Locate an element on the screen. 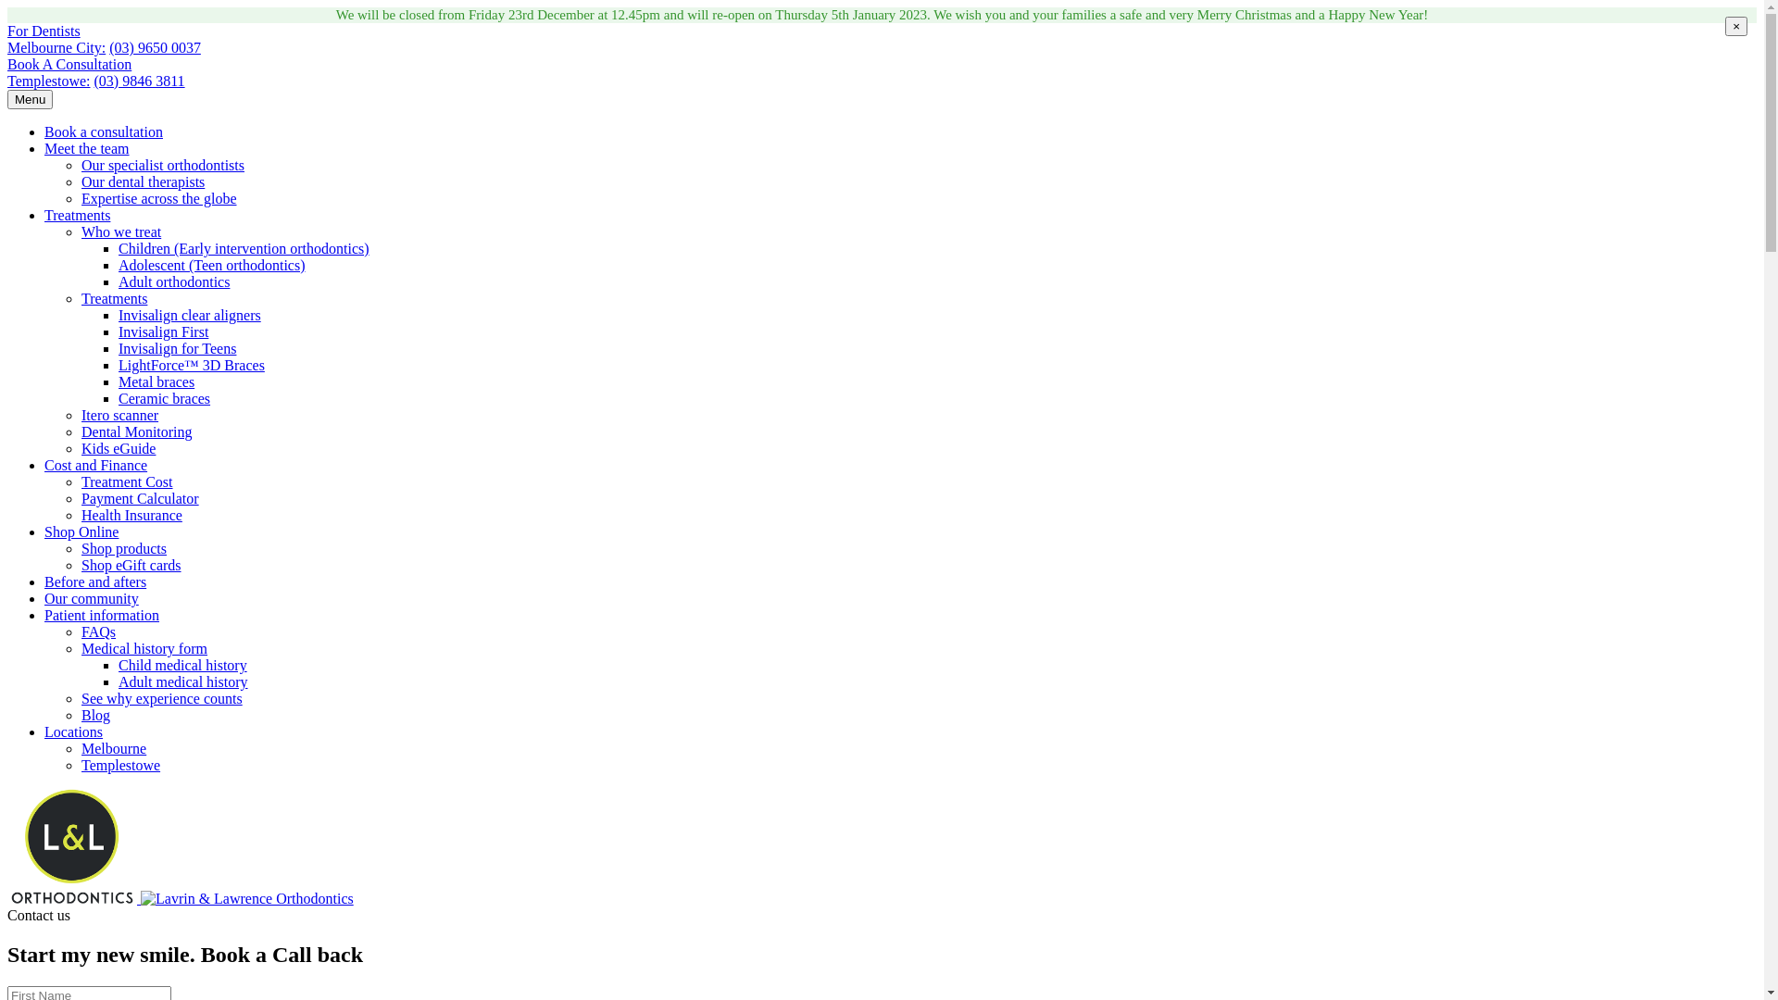  'Before and afters' is located at coordinates (44, 581).